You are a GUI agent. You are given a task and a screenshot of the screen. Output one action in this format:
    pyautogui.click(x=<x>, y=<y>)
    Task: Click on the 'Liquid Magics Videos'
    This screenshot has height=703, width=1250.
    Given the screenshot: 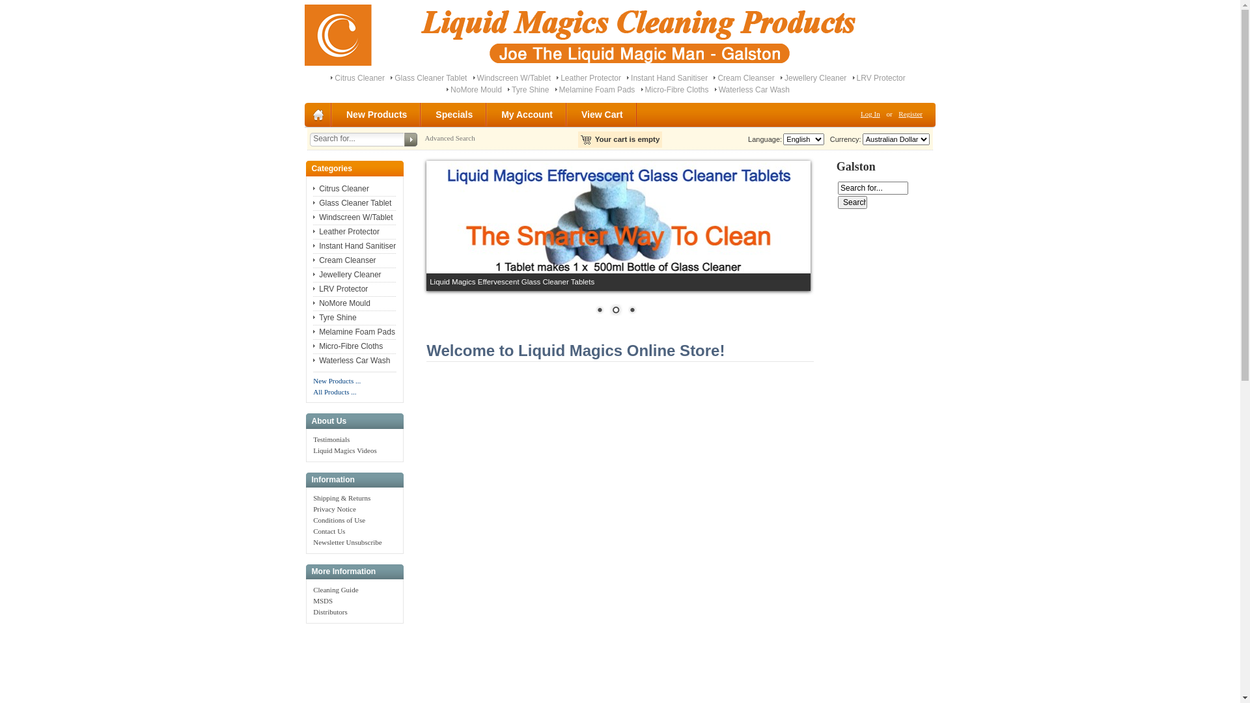 What is the action you would take?
    pyautogui.click(x=344, y=449)
    